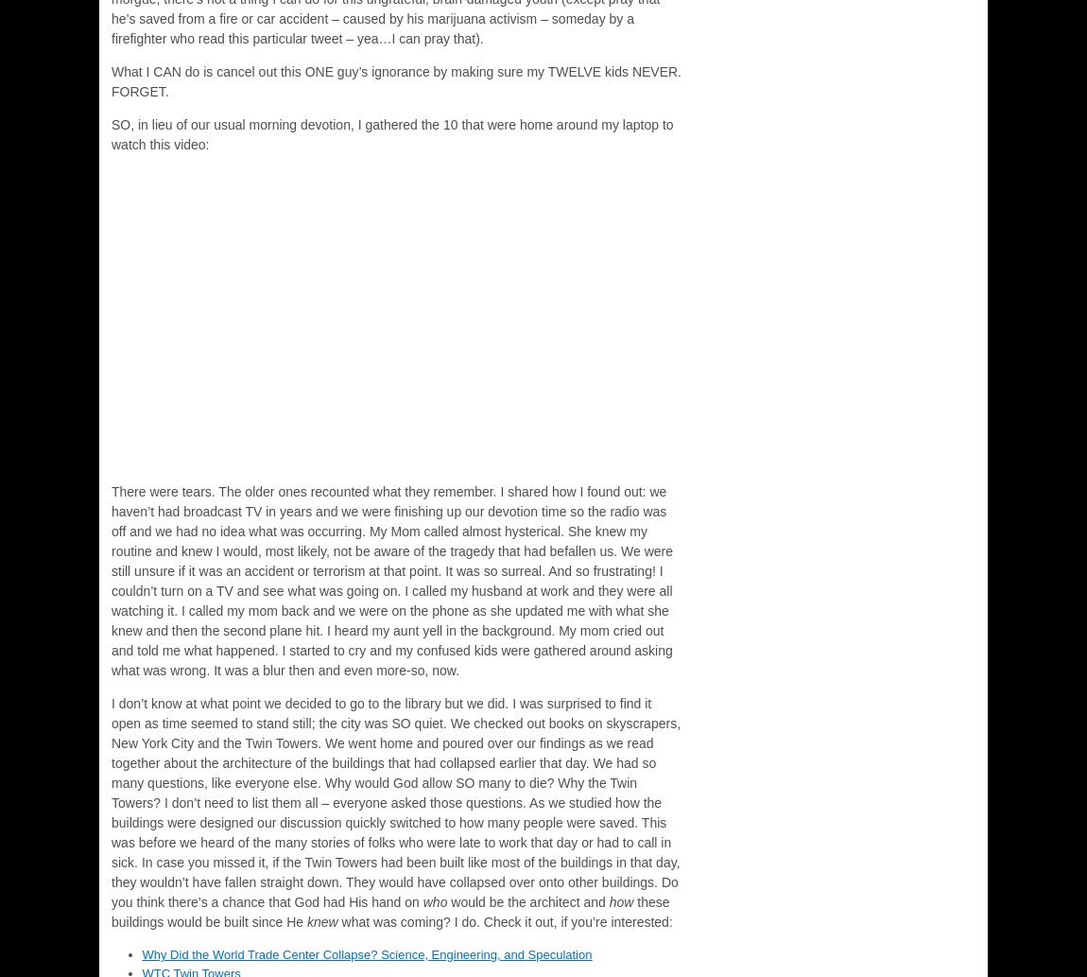 The width and height of the screenshot is (1087, 977). I want to click on 'I don’t know at what point we decided to go to the library but we did. I was surprised to find it open as time seemed to stand still; the city was SO quiet. We checked out books on skyscrapers, New York City and the Twin Towers. We went home and poured over our findings as we read together about the architecture of the buildings that had collapsed earlier that day. We had so many questions, like everyone else. Why would God allow SO many to die? Why the Twin Towers? I don’t need to list them all – everyone asked those questions. As we studied how the buildings were designed our discussion quickly switched to how many people were saved. This was before we heard of the many stories of folks who were late to work that day or had to call in sick. In case you missed it, if the Twin Towers had been built like most of the buildings in that day, they wouldn’t have fallen straight down. They would have collapsed over onto other buildings. Do you think there’s a chance that God had His hand on', so click(110, 803).